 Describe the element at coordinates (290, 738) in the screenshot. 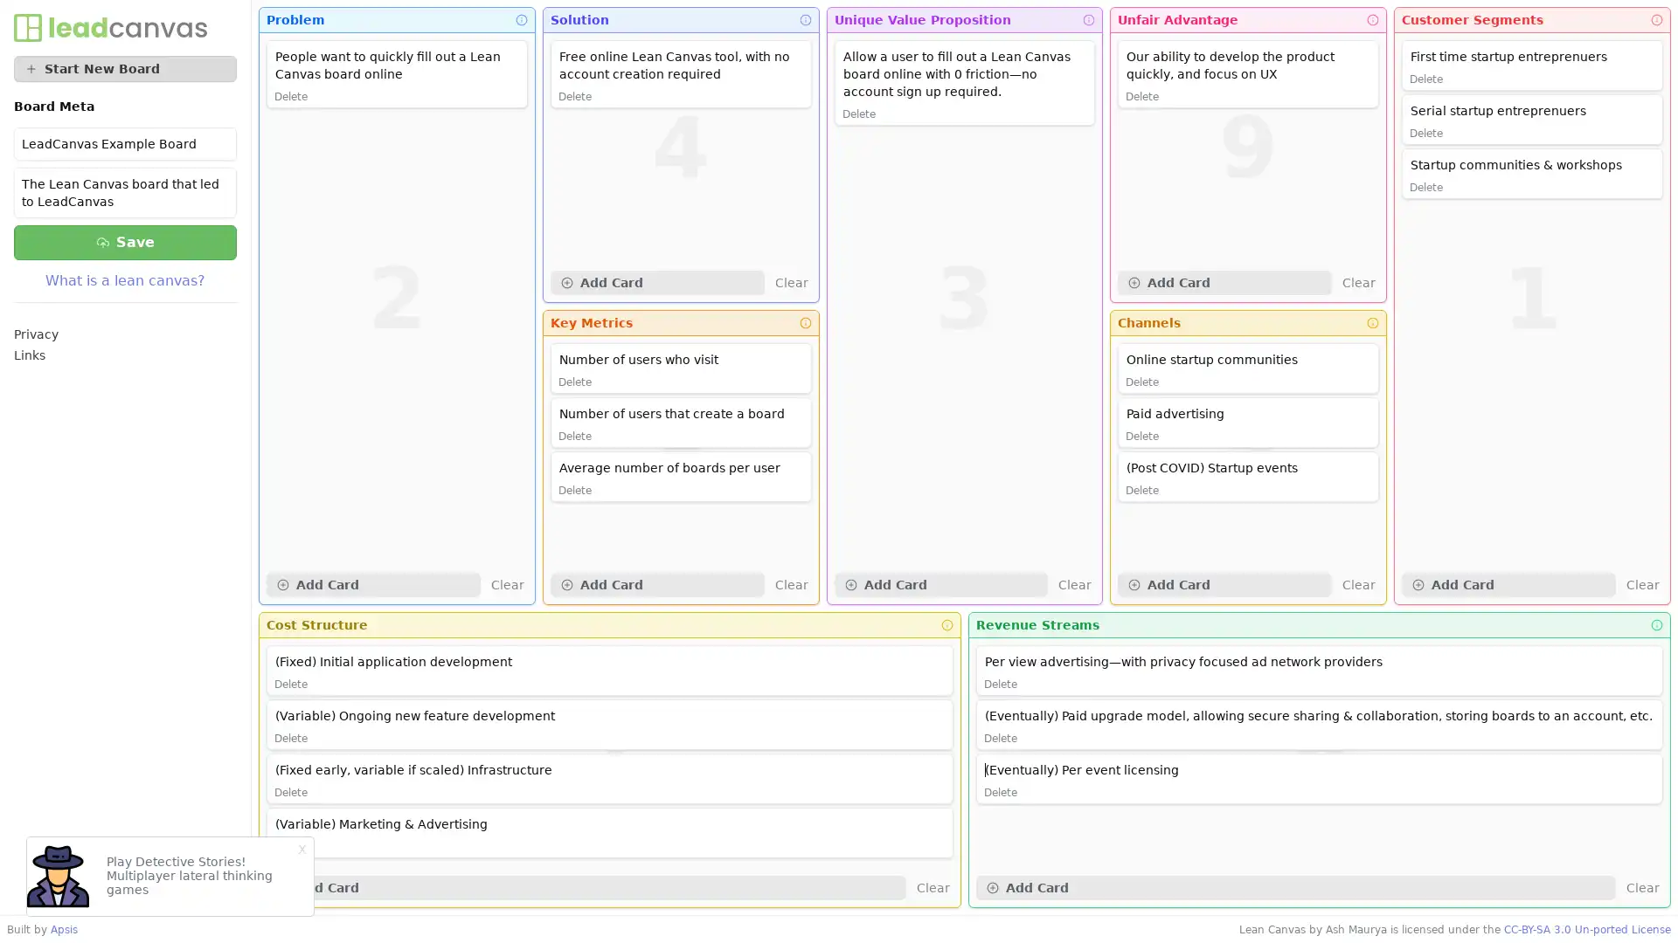

I see `Delete` at that location.